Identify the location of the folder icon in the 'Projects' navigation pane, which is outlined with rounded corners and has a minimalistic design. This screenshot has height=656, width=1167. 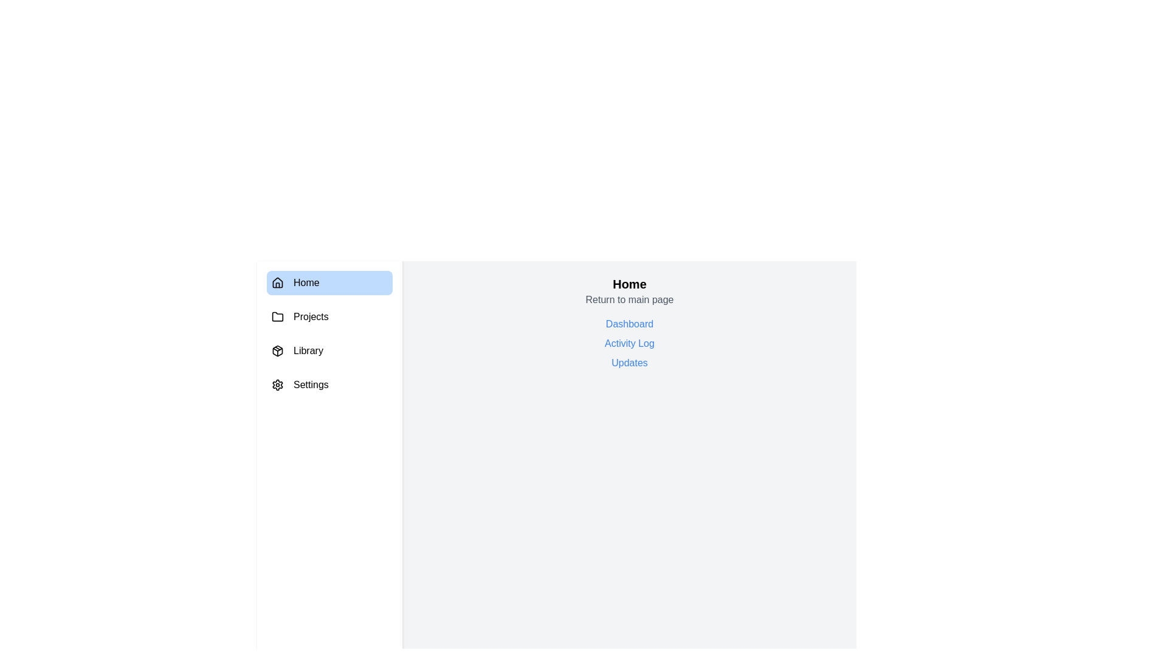
(277, 316).